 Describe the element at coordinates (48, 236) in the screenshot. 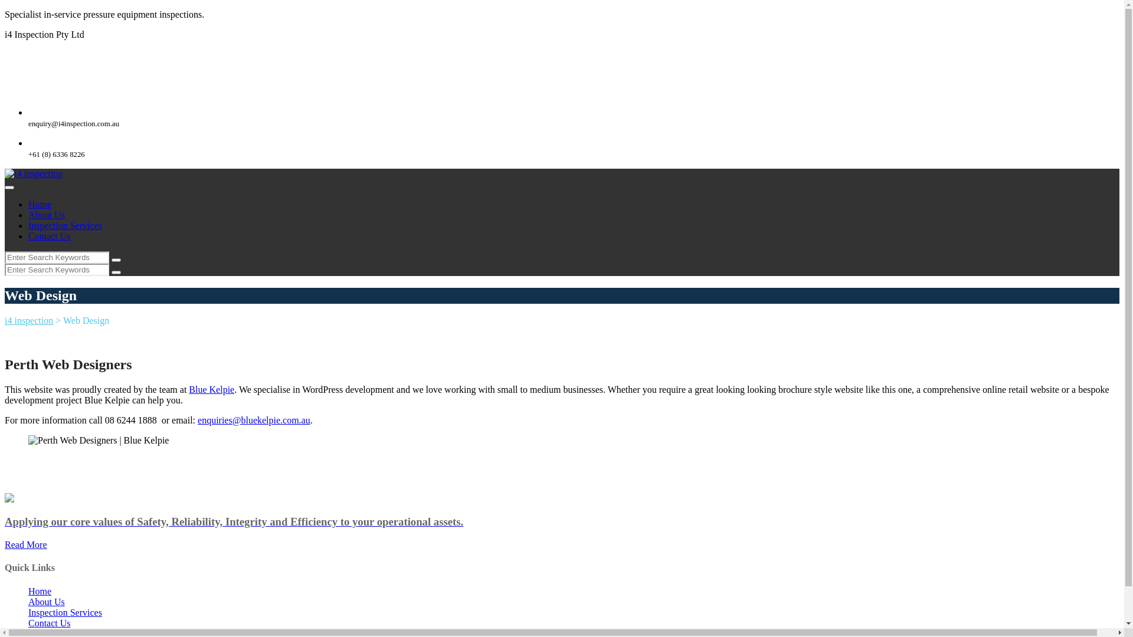

I see `'Contact Us'` at that location.